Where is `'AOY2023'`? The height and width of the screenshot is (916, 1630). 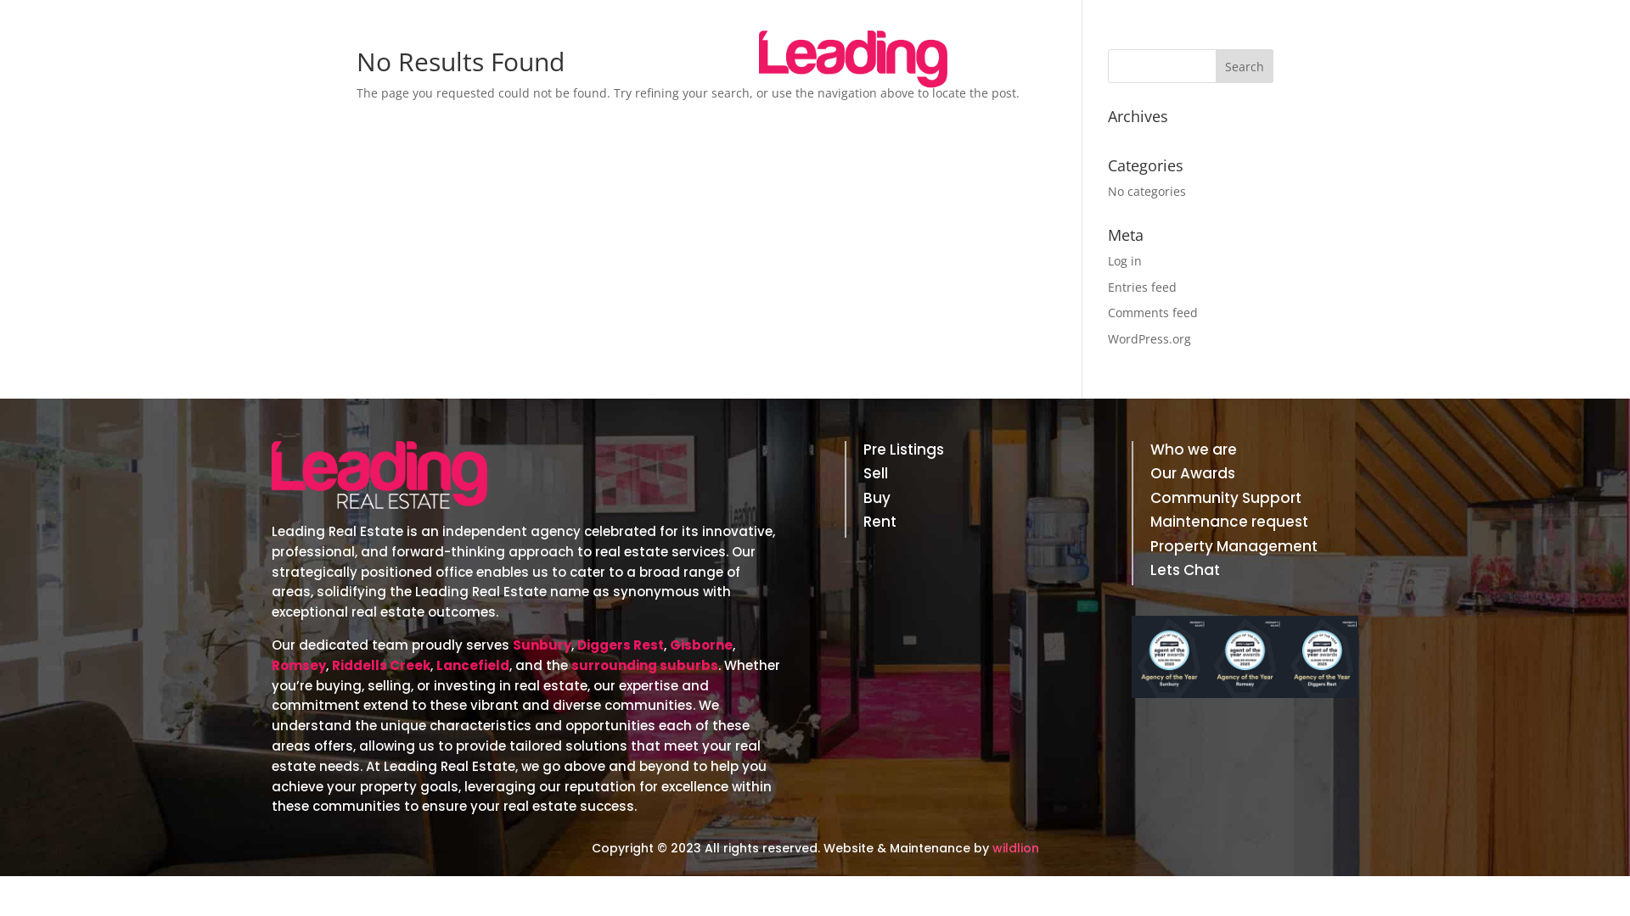 'AOY2023' is located at coordinates (1245, 656).